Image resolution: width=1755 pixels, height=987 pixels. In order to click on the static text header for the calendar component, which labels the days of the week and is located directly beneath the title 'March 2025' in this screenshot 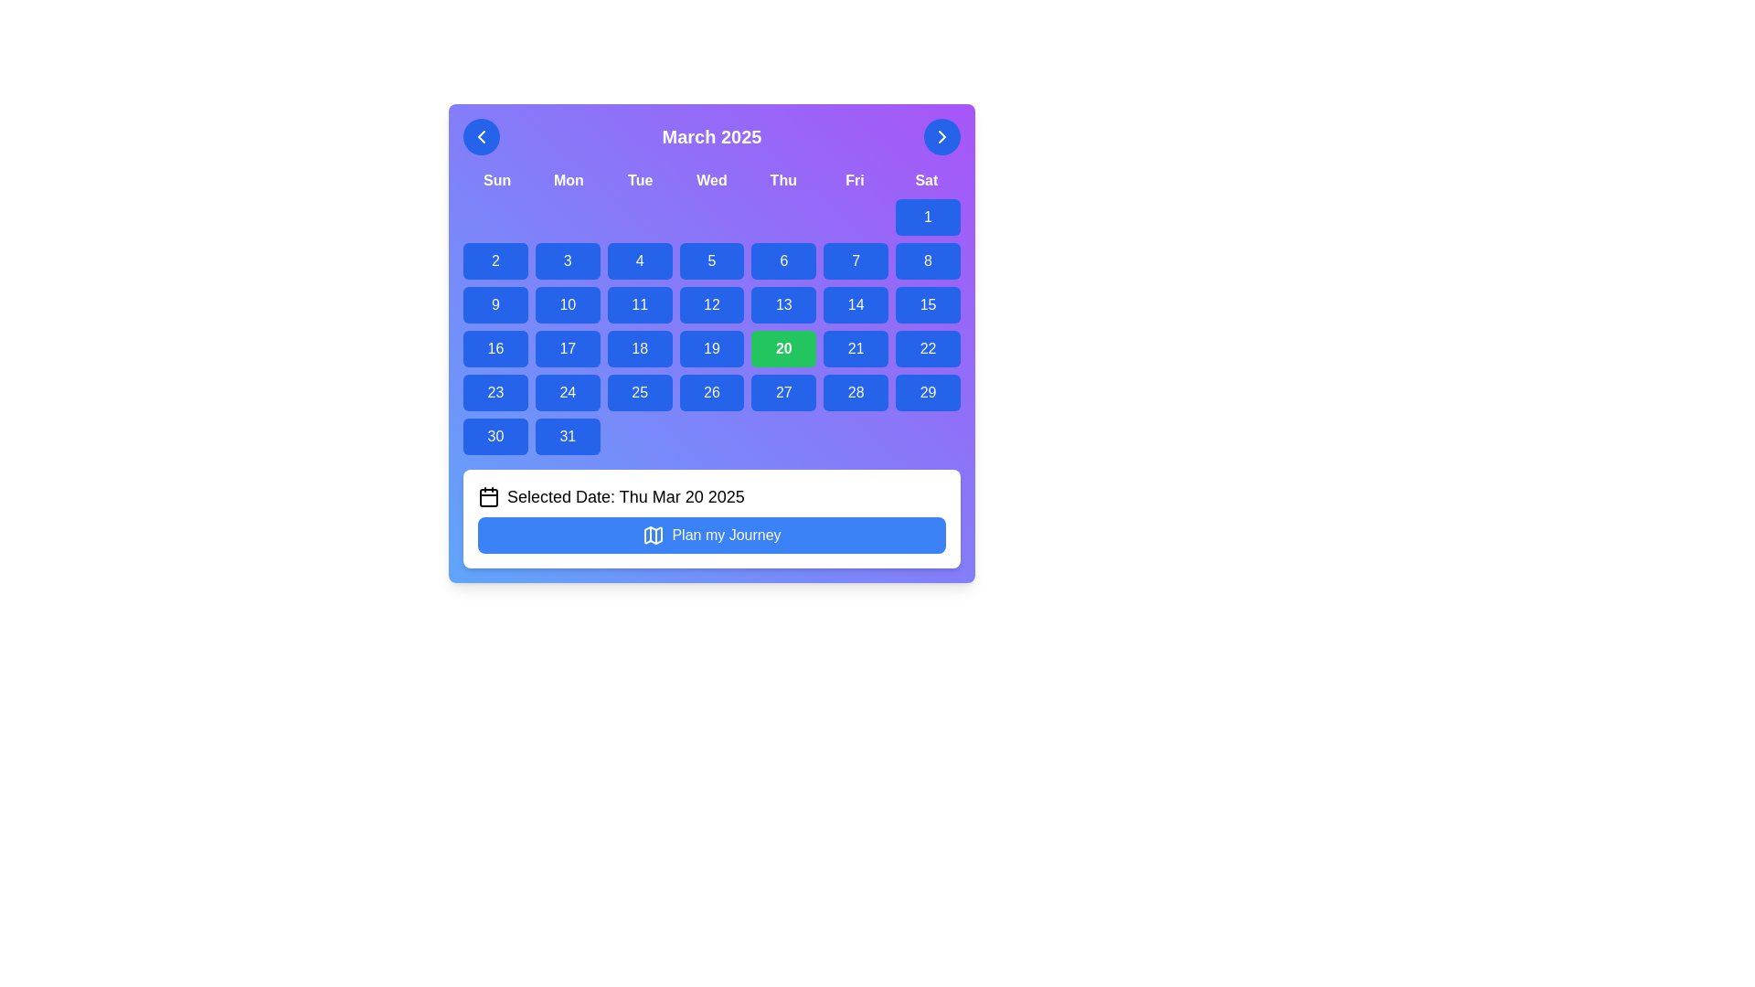, I will do `click(710, 180)`.